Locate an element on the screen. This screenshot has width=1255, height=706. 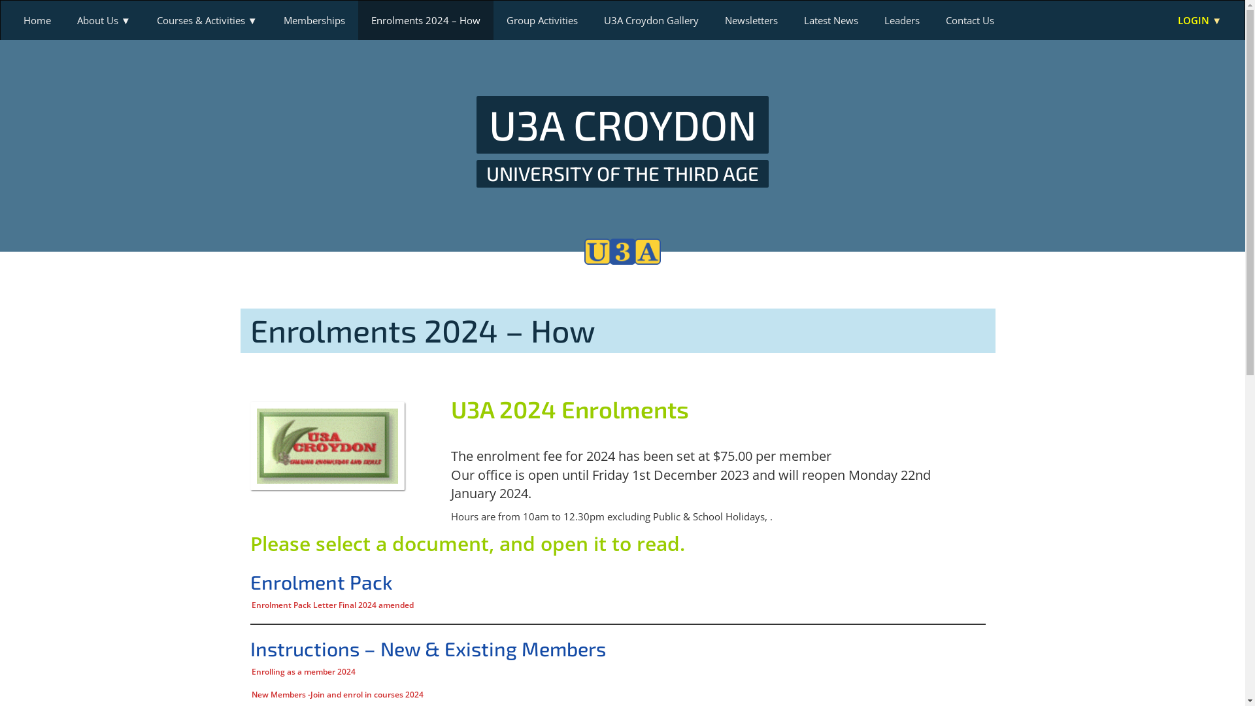
'New Members -Join and enrol in courses 2024' is located at coordinates (337, 694).